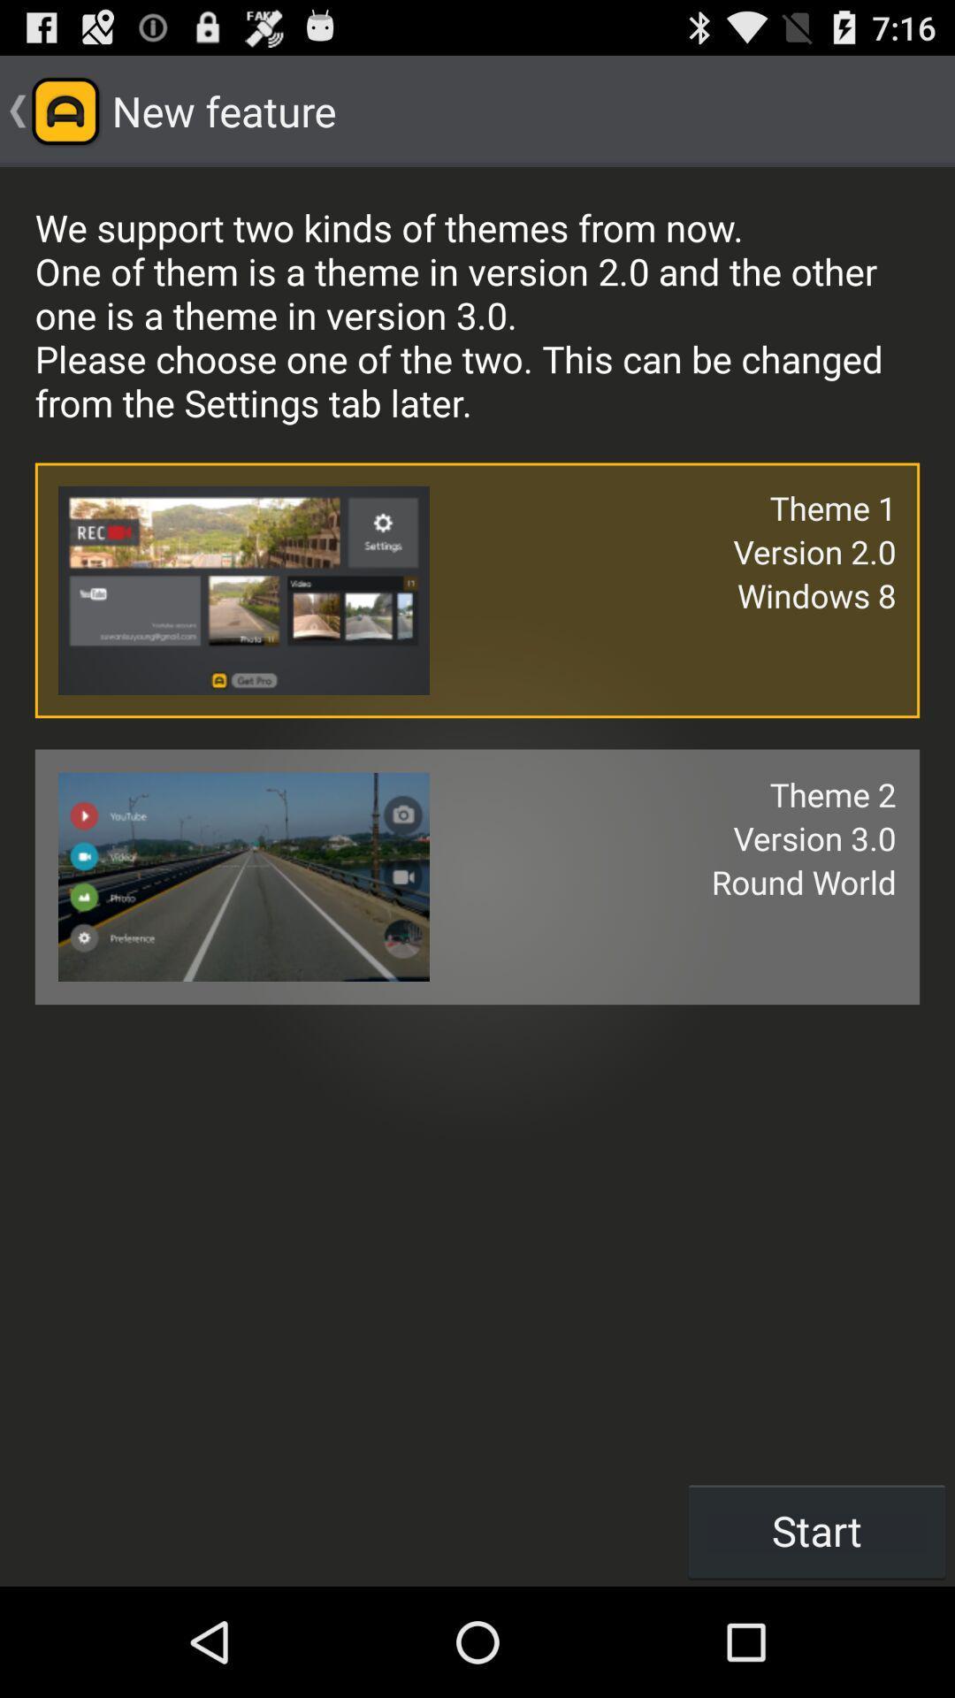 The width and height of the screenshot is (955, 1698). What do you see at coordinates (817, 1530) in the screenshot?
I see `item at the bottom right corner` at bounding box center [817, 1530].